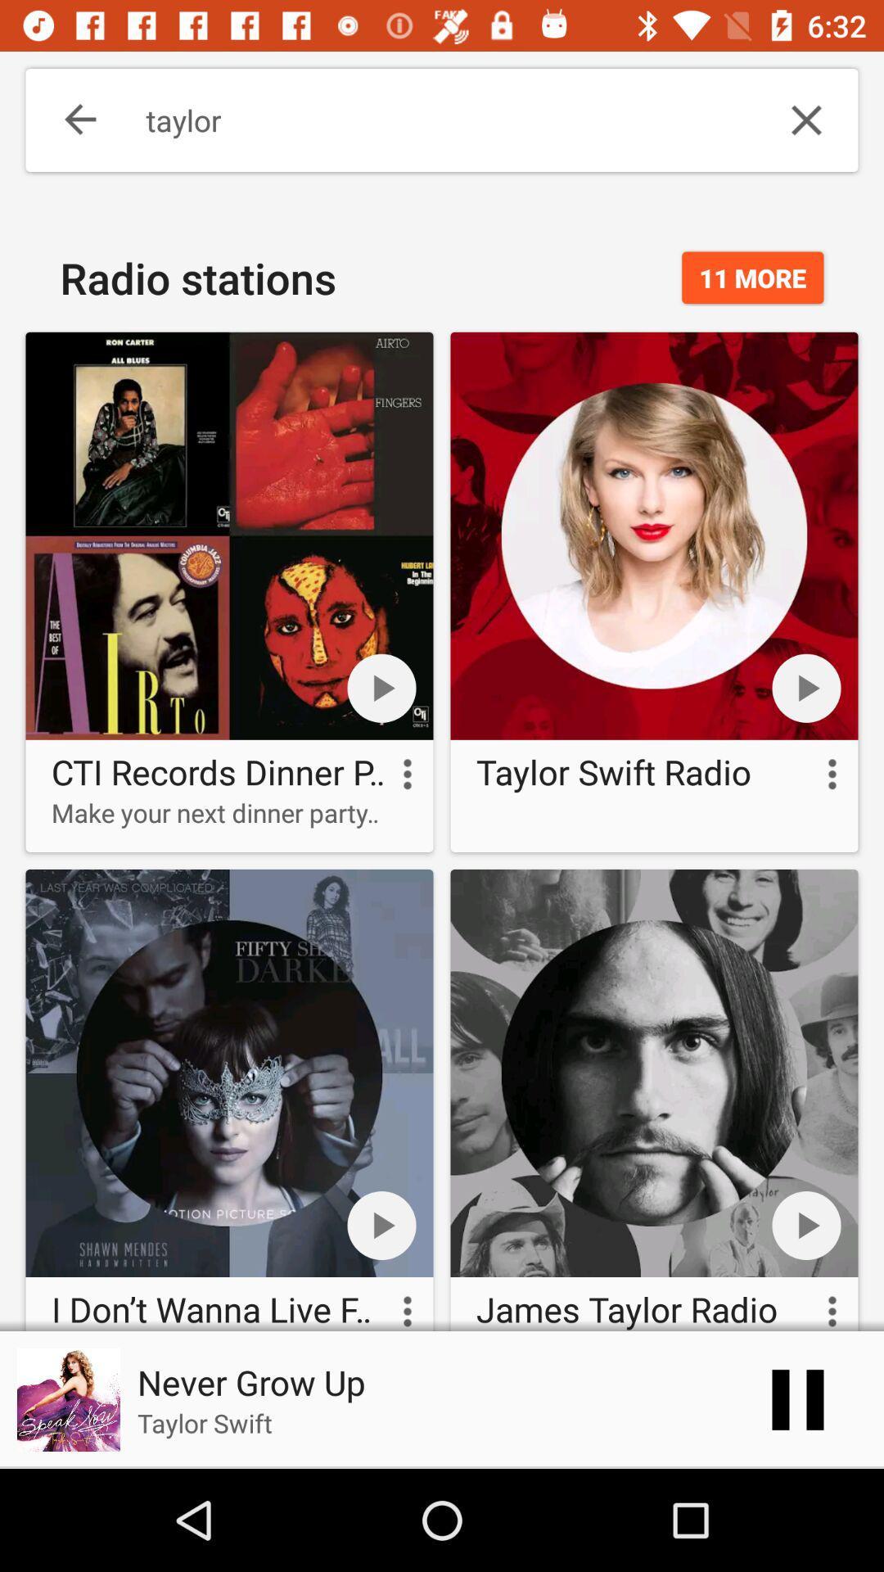 This screenshot has width=884, height=1572. Describe the element at coordinates (805, 120) in the screenshot. I see `the item next to taylor icon` at that location.